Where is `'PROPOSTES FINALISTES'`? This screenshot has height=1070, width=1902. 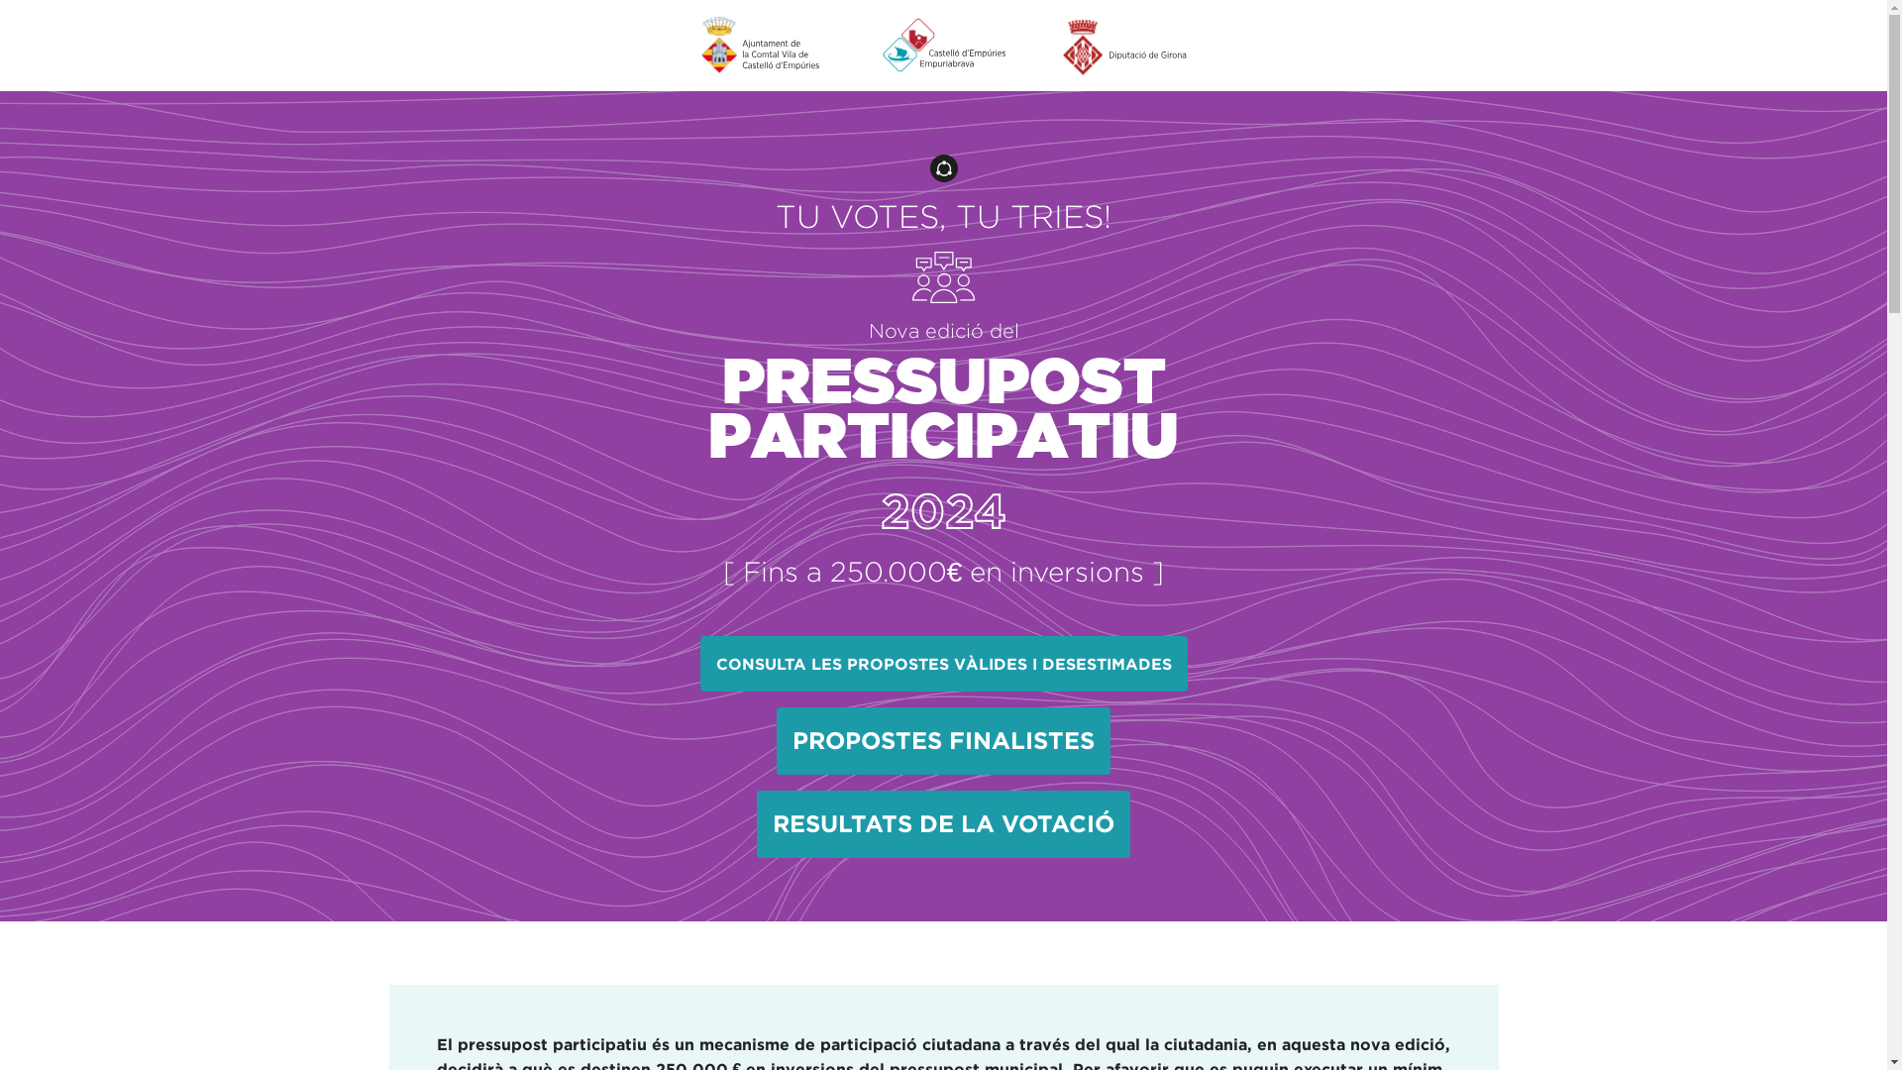 'PROPOSTES FINALISTES' is located at coordinates (942, 741).